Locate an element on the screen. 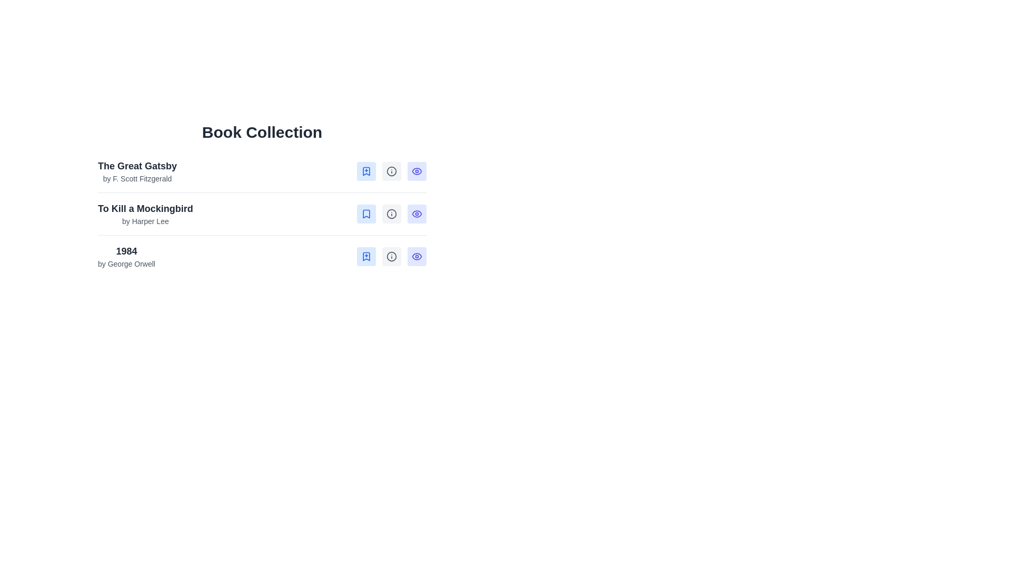  the 'Details' button icon located in the top row, right section of 'The Great Gatsby' entry, positioned between the bookmark icon and the view icon is located at coordinates (391, 171).